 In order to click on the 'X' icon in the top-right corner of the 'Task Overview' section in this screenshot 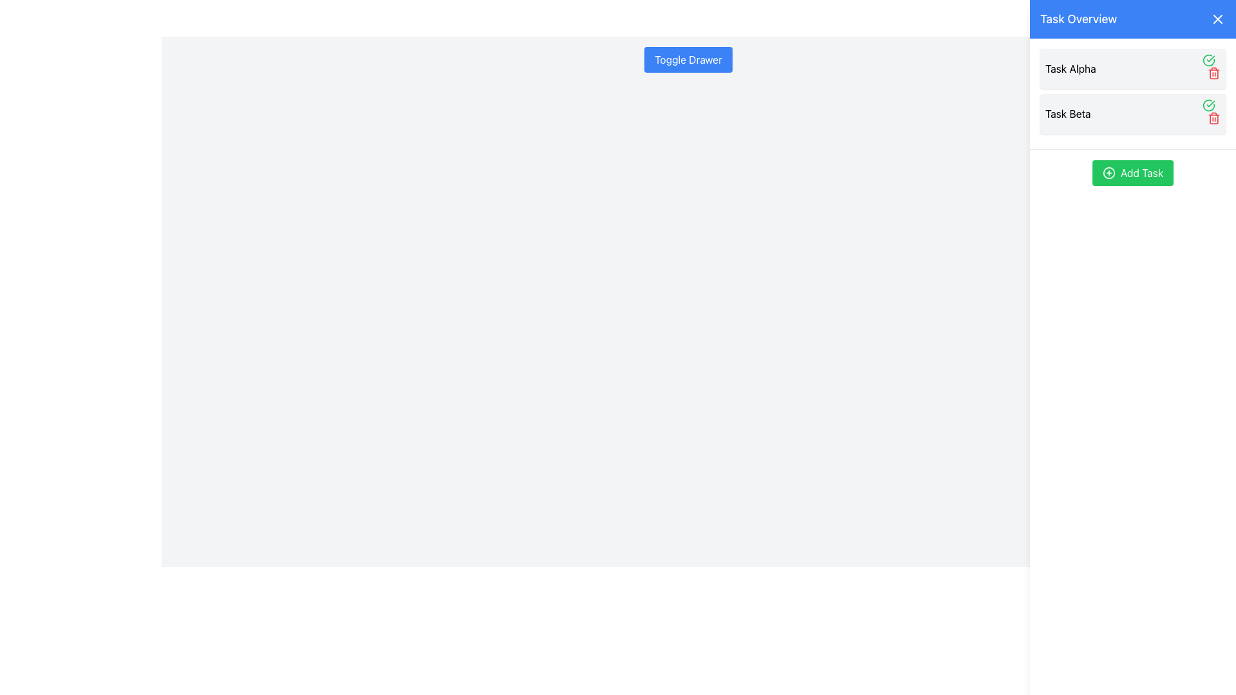, I will do `click(1217, 19)`.